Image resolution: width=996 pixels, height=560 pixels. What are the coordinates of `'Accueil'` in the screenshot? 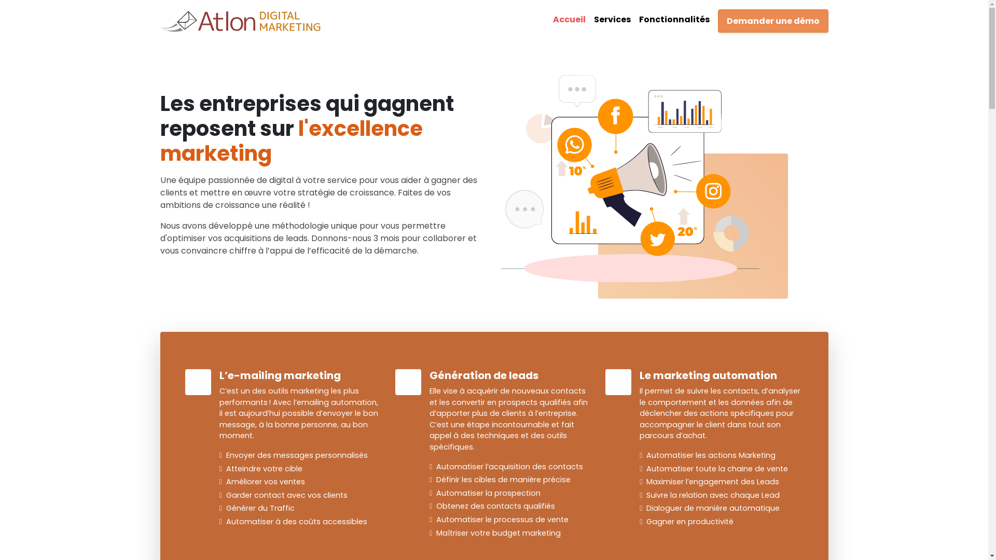 It's located at (569, 20).